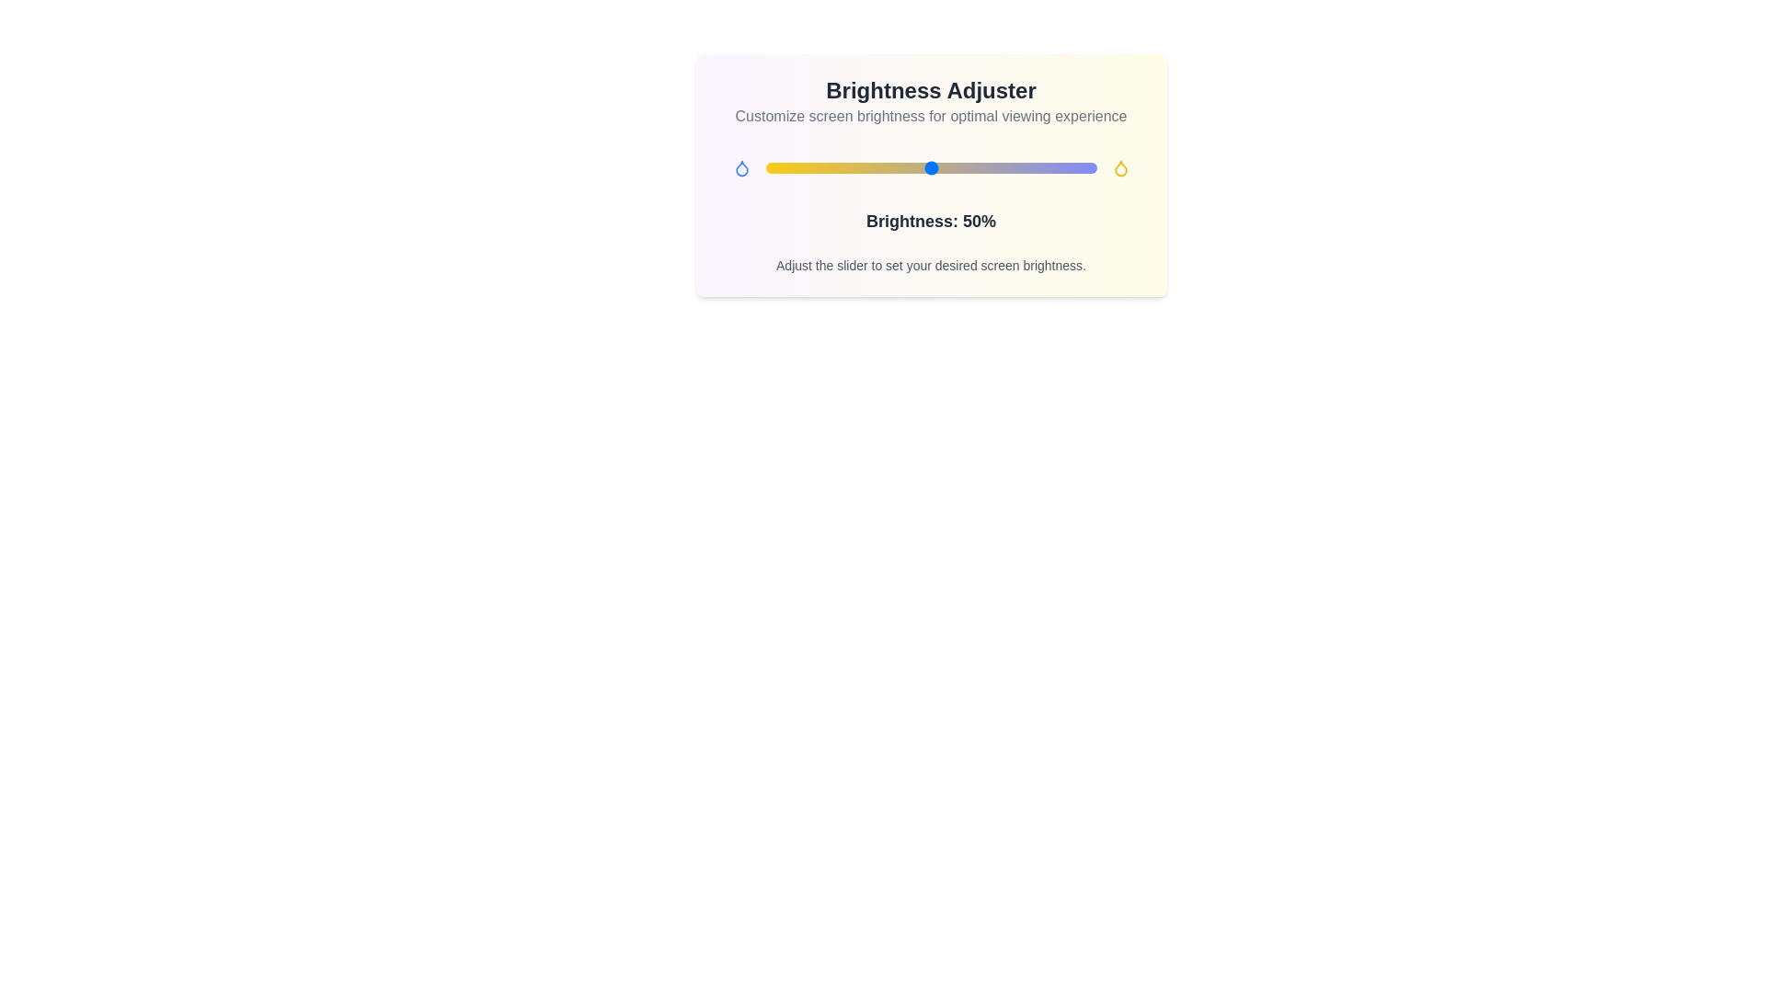  What do you see at coordinates (931, 167) in the screenshot?
I see `the brightness slider to 50%` at bounding box center [931, 167].